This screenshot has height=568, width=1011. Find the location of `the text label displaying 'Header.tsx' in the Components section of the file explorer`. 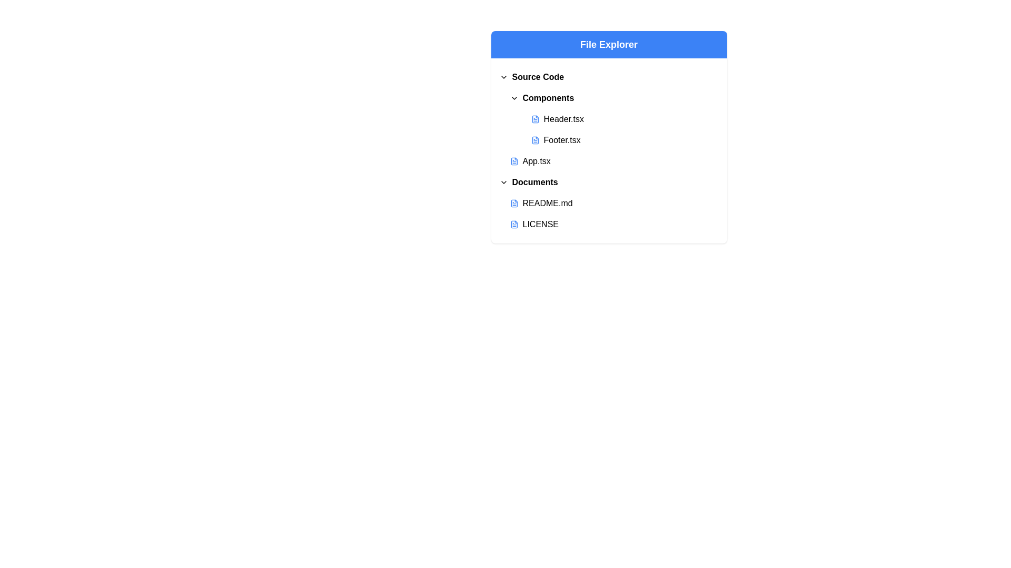

the text label displaying 'Header.tsx' in the Components section of the file explorer is located at coordinates (563, 119).